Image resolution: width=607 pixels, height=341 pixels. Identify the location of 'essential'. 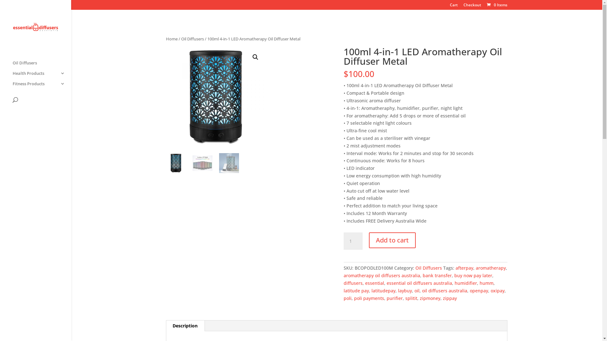
(375, 283).